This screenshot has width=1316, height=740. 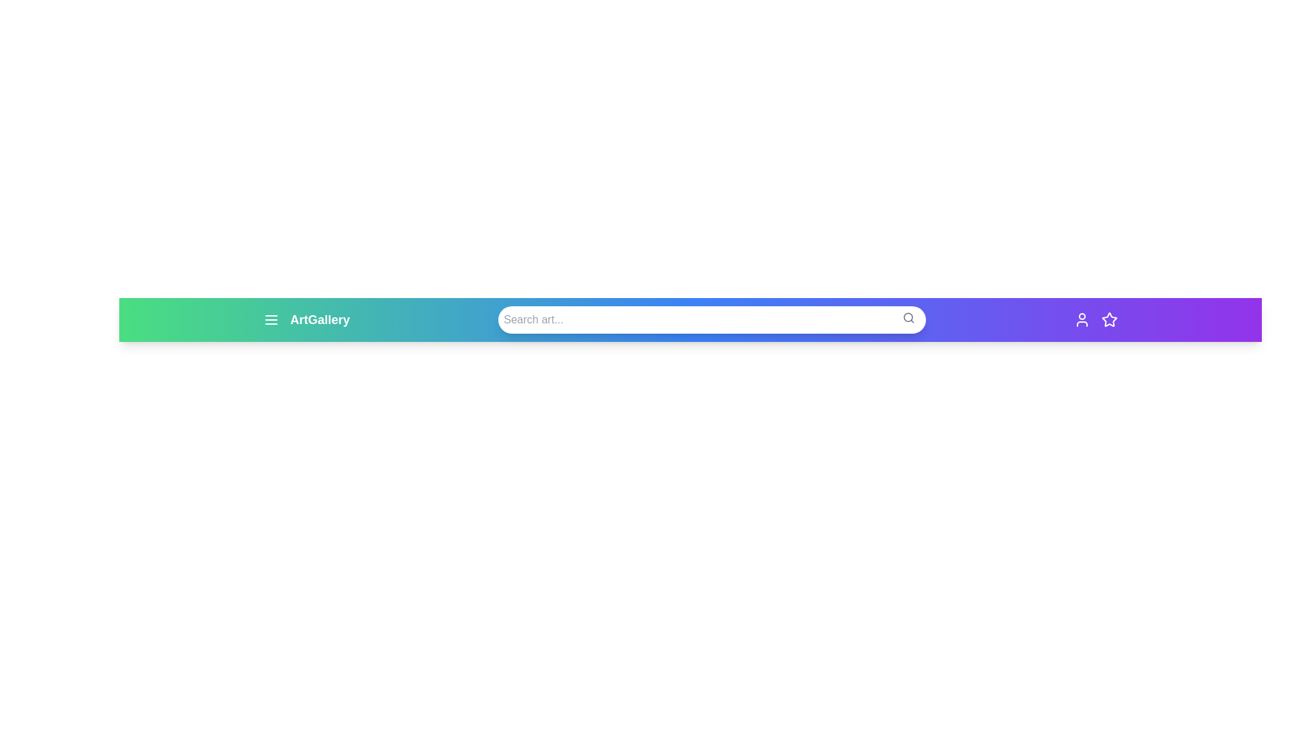 I want to click on the menu icon to toggle the menu, so click(x=271, y=319).